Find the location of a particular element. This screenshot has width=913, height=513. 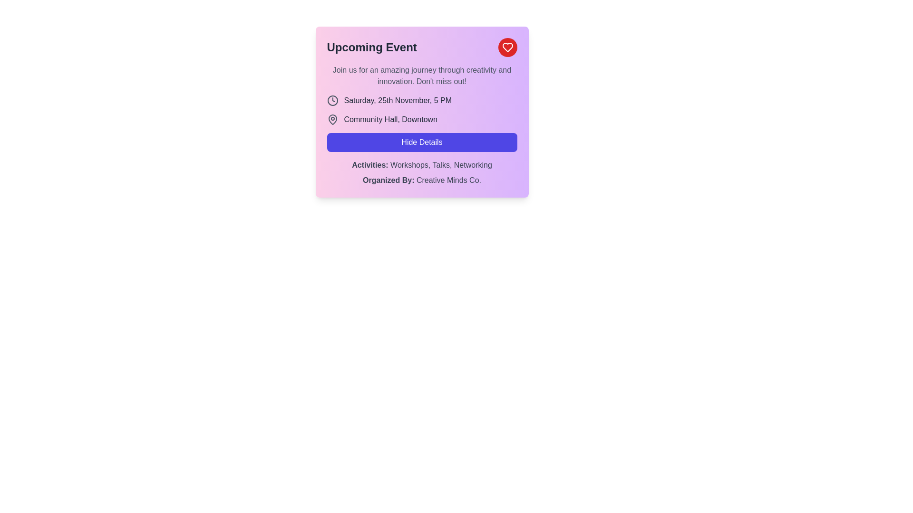

the venue information icon located to the left of the text 'Community Hall, Downtown', which visually represents the event's address is located at coordinates (332, 119).